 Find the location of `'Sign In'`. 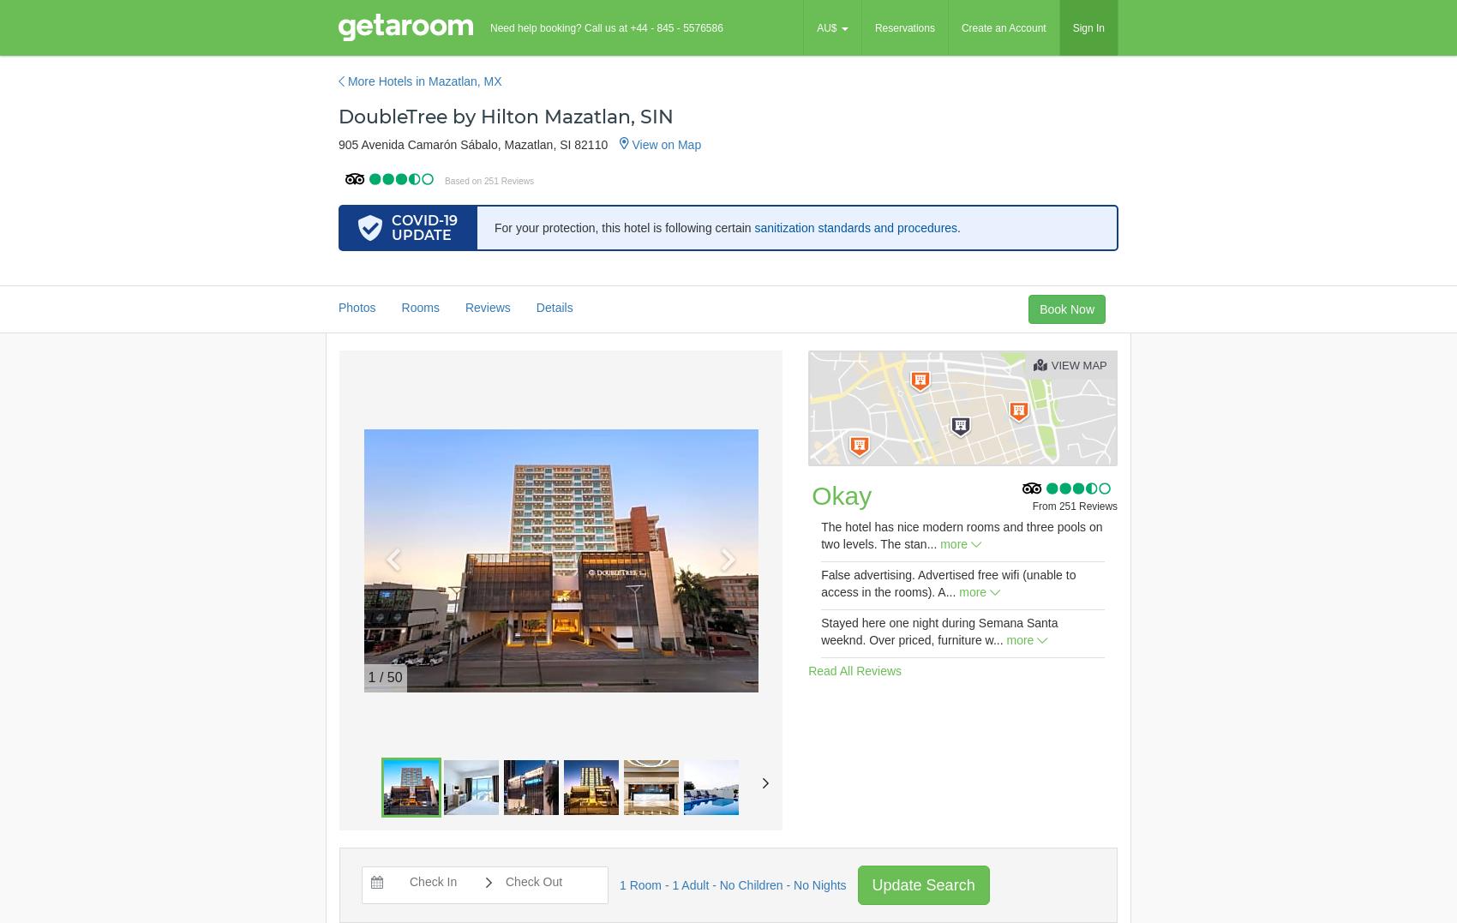

'Sign In' is located at coordinates (1088, 26).